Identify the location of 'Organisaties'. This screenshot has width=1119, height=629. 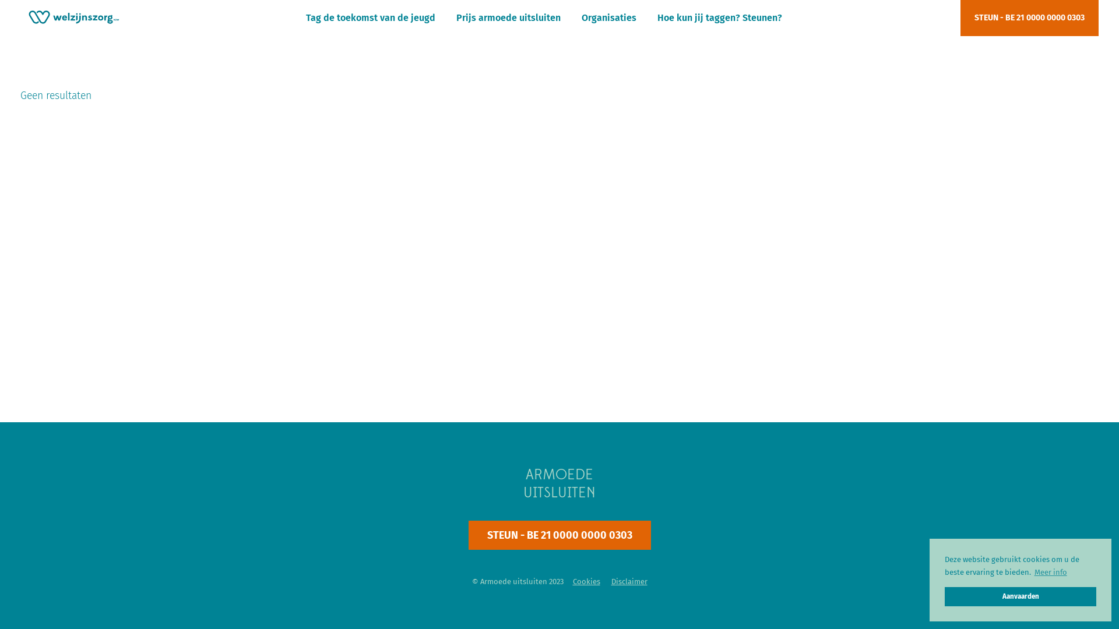
(582, 17).